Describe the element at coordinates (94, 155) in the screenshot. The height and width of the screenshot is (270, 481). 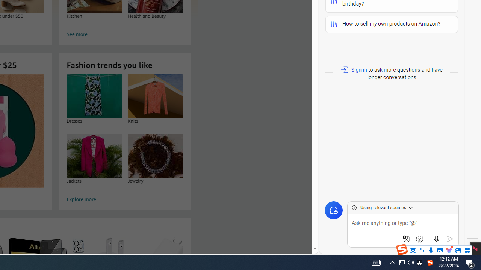
I see `'Jackets'` at that location.